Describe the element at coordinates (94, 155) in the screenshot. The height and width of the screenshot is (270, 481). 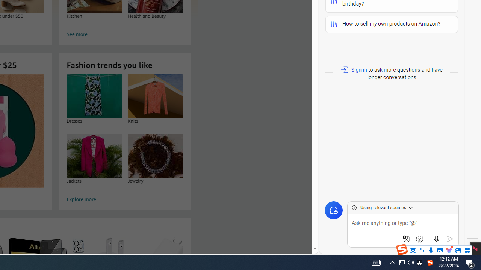
I see `'Jackets'` at that location.